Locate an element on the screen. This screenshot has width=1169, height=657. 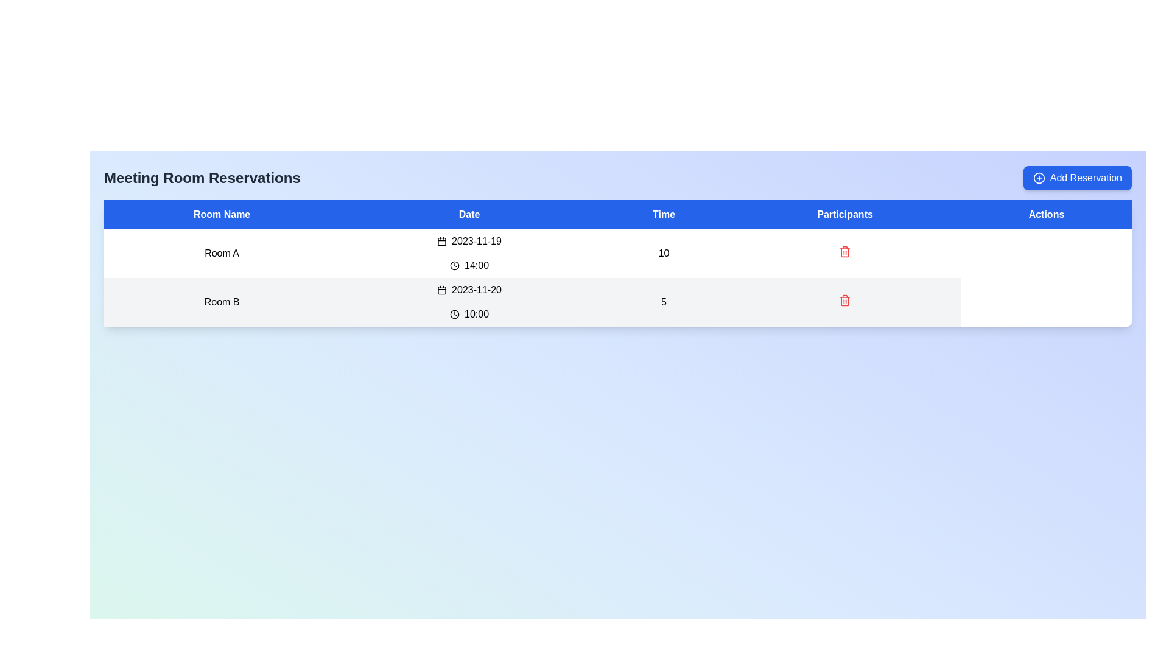
the time icon located to the left of the time text '14:00' in the Room A row of the table is located at coordinates (454, 265).